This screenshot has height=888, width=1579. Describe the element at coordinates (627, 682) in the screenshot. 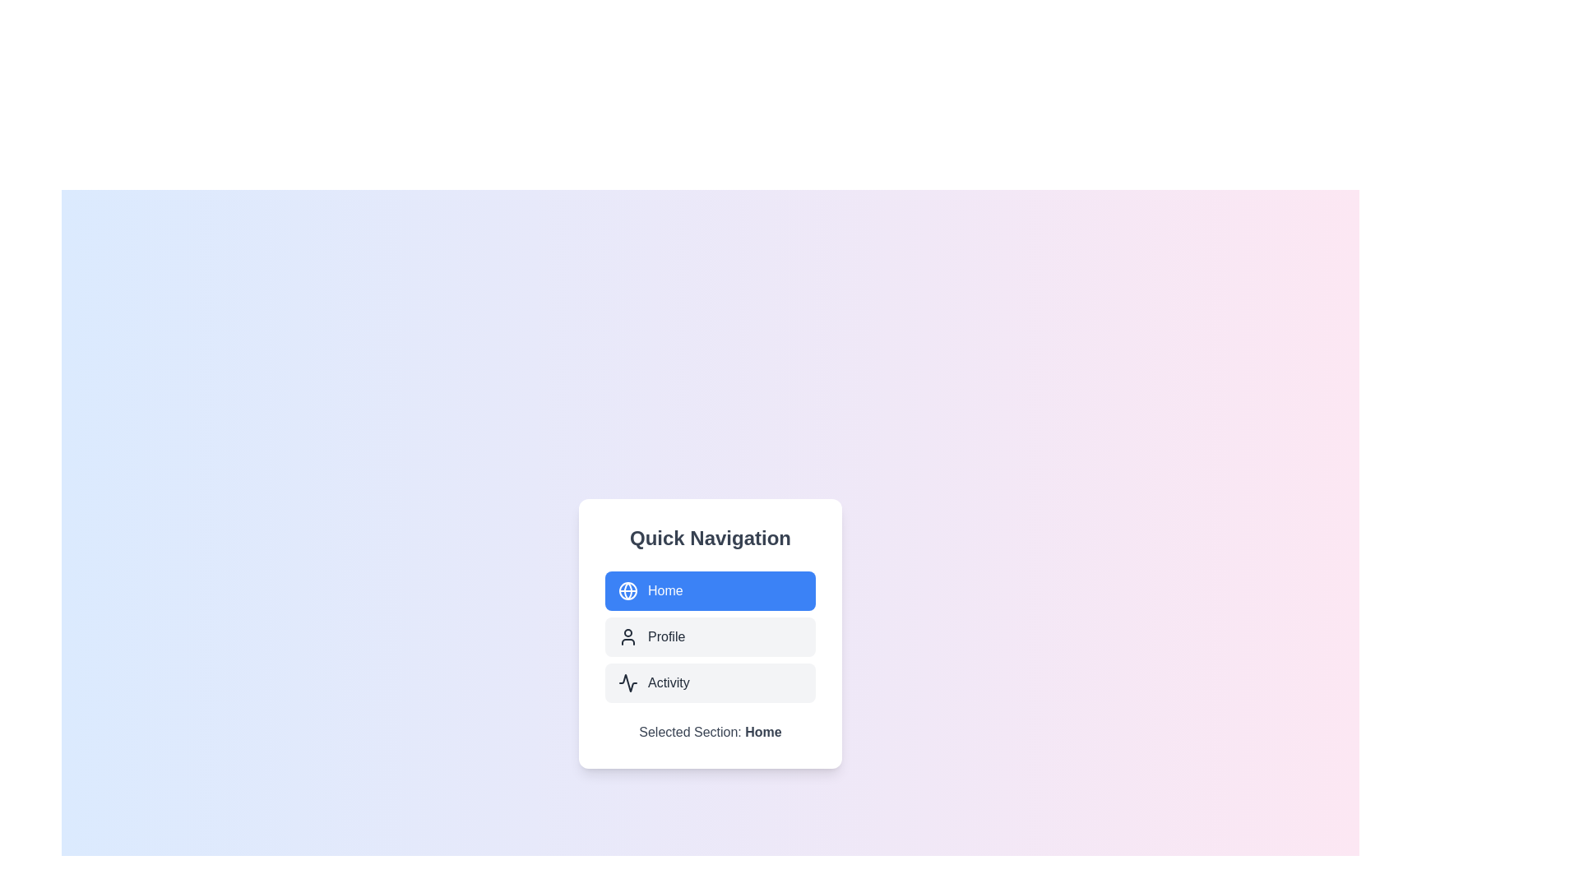

I see `the pulse graph icon styled with a zigzag line, located in the 'Quick Navigation' panel next to the 'Activity' text` at that location.